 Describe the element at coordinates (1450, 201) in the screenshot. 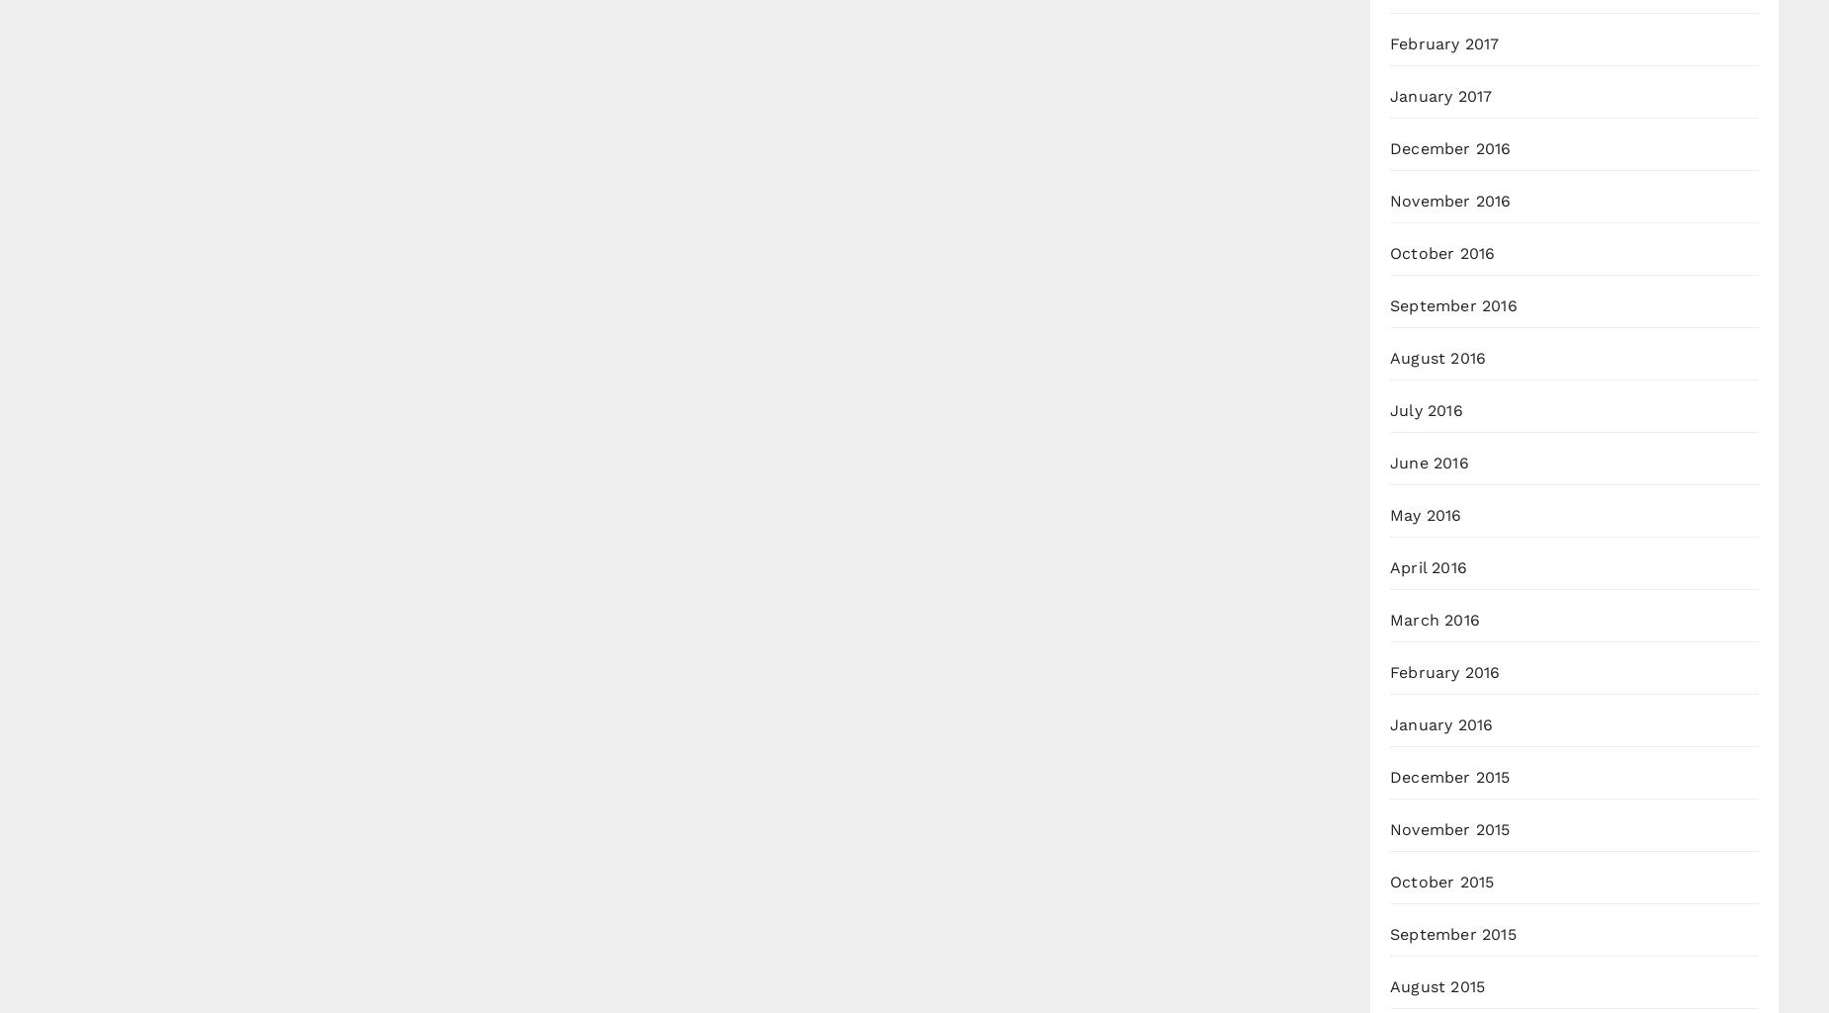

I see `'November 2016'` at that location.